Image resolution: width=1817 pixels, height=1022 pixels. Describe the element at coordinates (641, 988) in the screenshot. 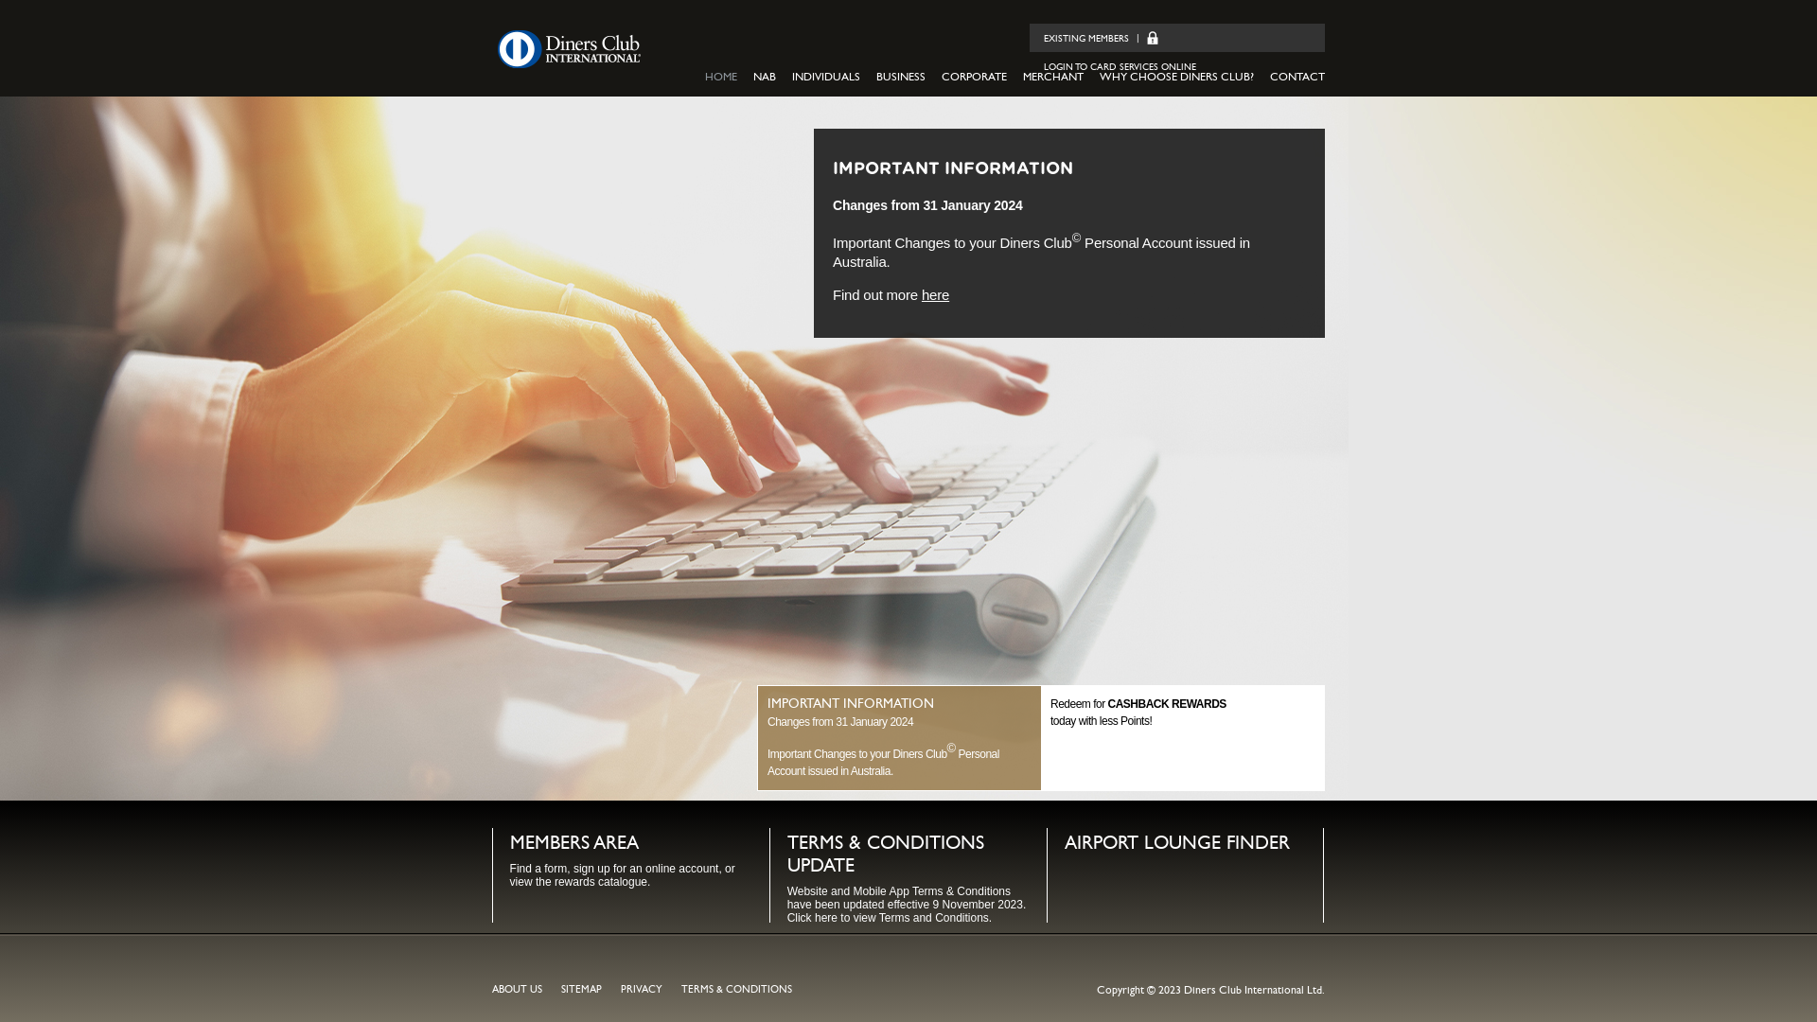

I see `'PRIVACY'` at that location.